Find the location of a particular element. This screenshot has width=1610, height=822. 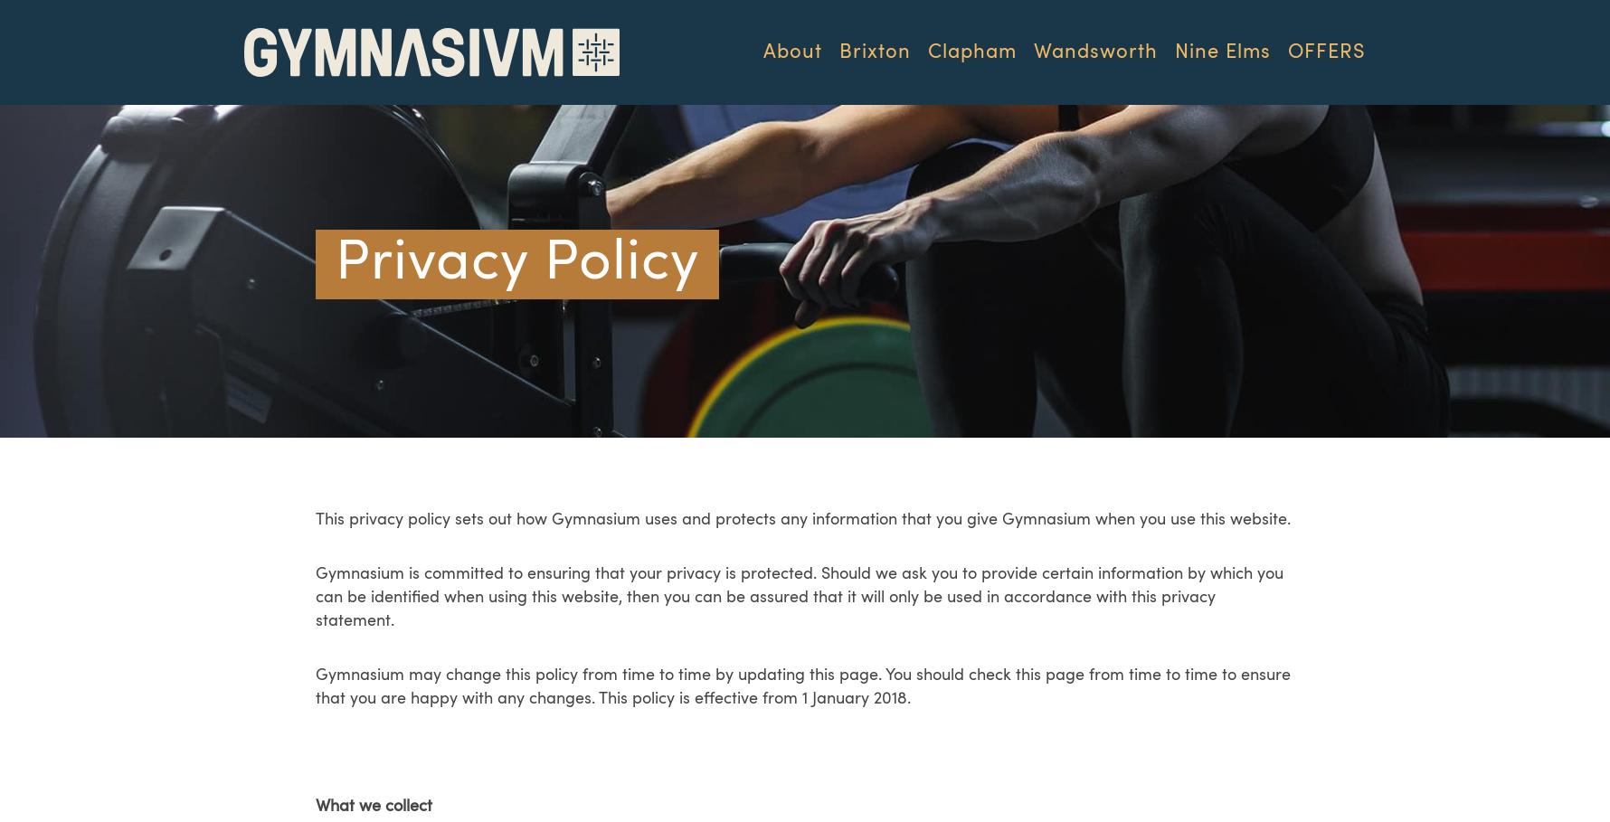

'Privacy Policy' is located at coordinates (335, 261).